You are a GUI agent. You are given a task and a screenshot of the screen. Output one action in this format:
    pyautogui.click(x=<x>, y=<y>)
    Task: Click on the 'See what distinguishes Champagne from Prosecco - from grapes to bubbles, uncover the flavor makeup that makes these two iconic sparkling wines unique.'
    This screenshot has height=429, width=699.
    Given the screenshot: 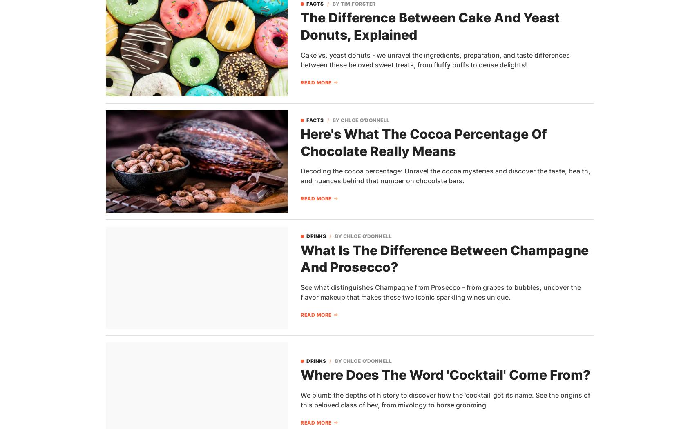 What is the action you would take?
    pyautogui.click(x=440, y=291)
    